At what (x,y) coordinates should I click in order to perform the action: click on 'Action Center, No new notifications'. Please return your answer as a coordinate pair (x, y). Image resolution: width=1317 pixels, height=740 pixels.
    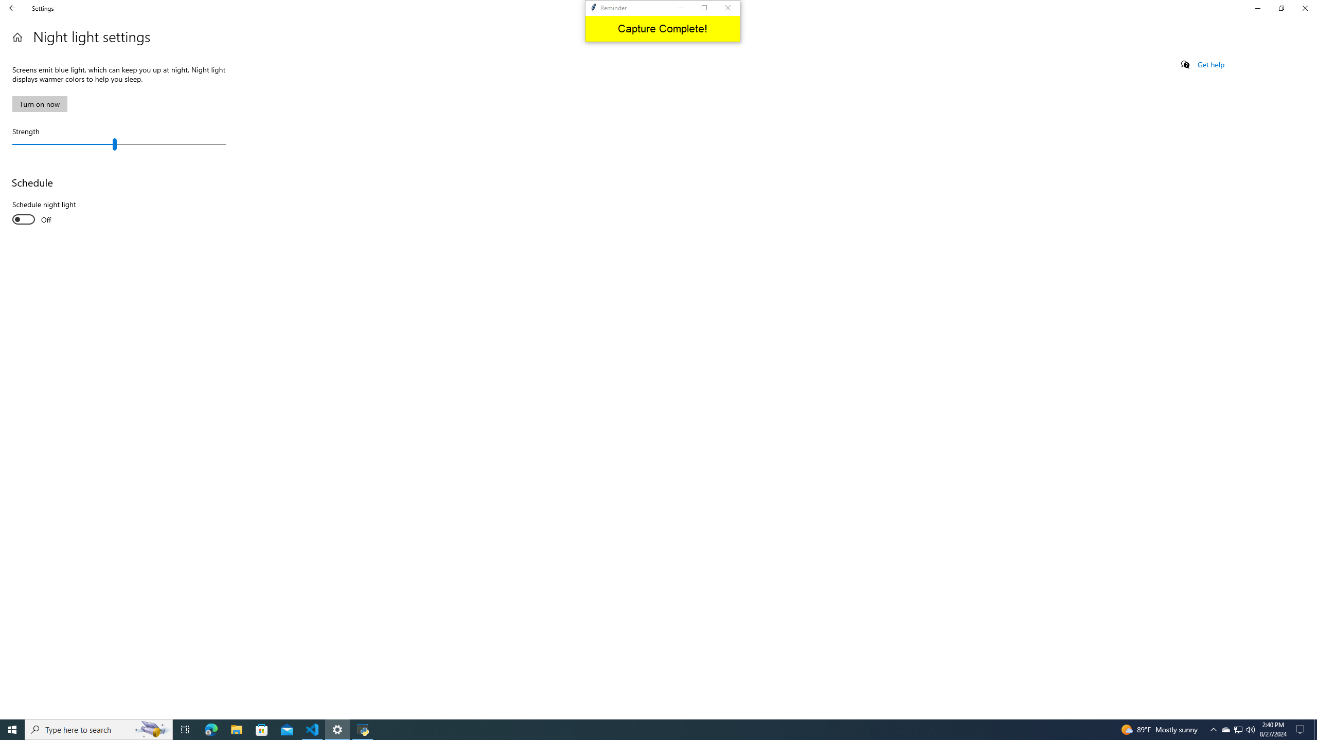
    Looking at the image, I should click on (1302, 729).